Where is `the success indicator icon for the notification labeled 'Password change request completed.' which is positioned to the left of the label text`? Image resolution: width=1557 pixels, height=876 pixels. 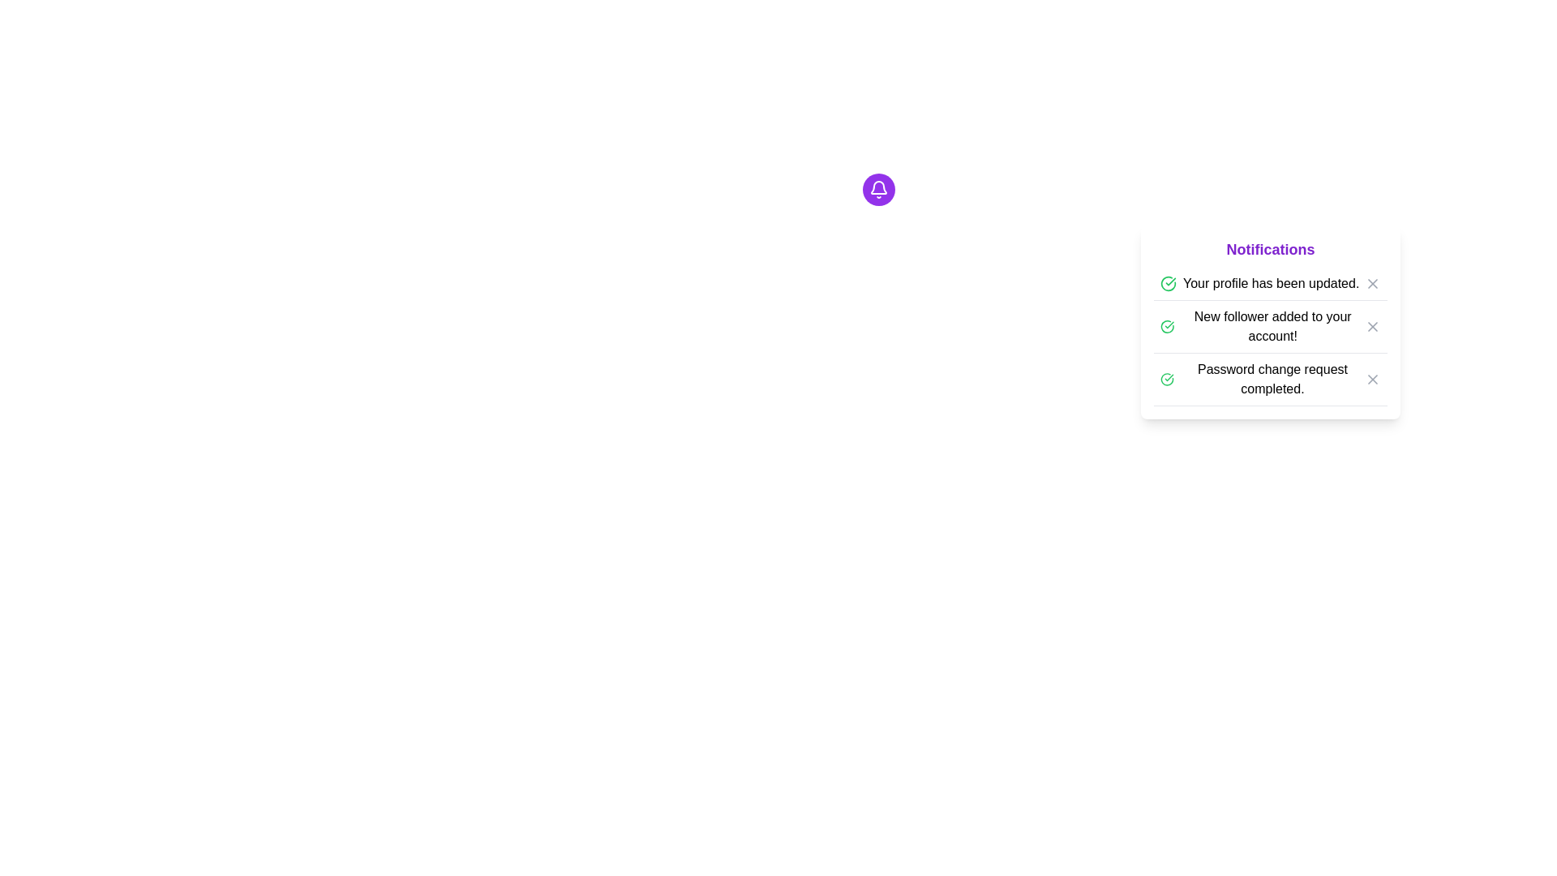 the success indicator icon for the notification labeled 'Password change request completed.' which is positioned to the left of the label text is located at coordinates (1166, 379).